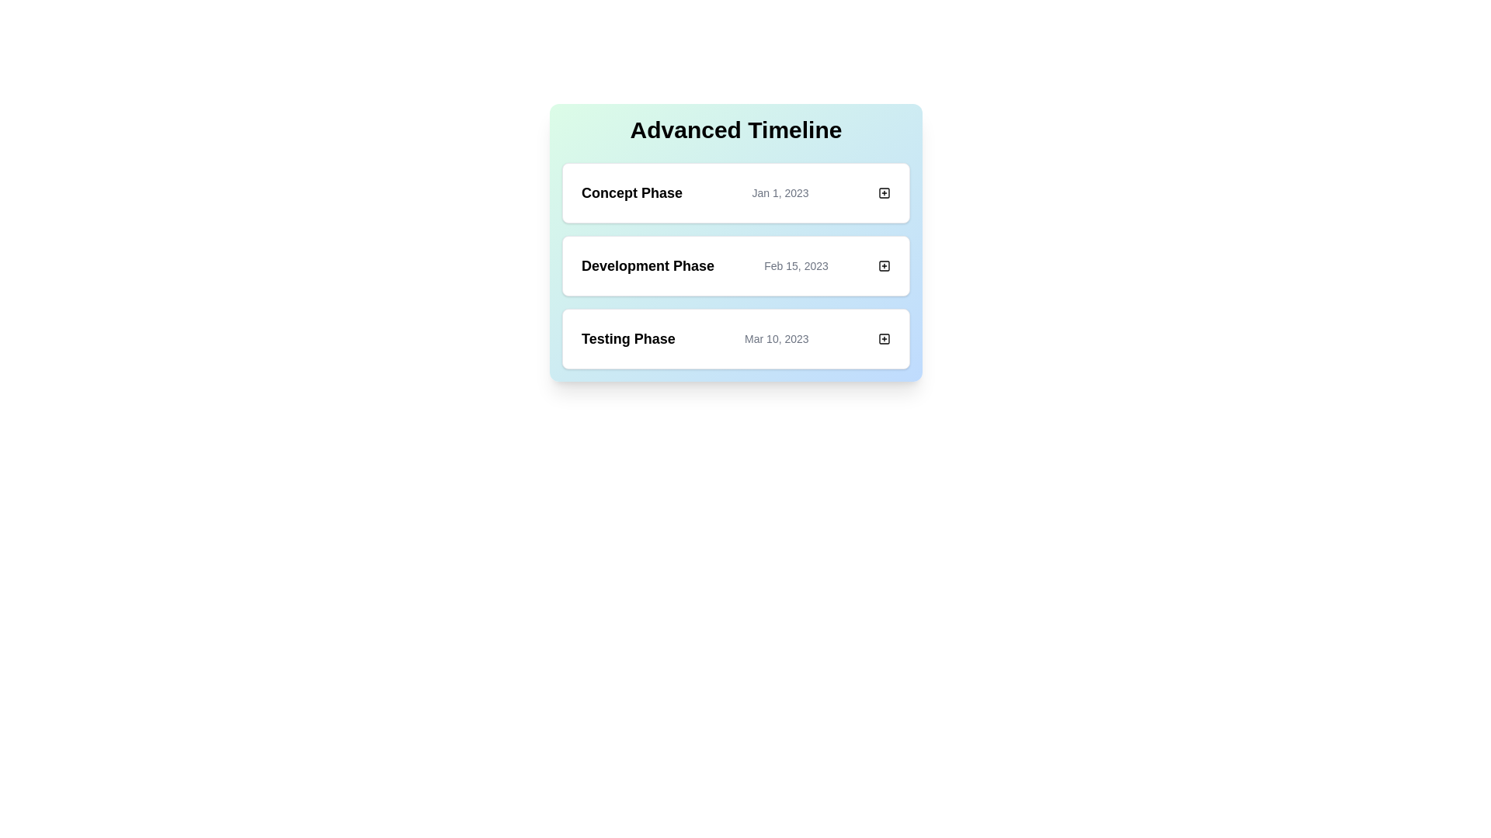 The width and height of the screenshot is (1491, 838). I want to click on information from the middle segment of the vertically-aligned timeline which includes the title 'Development Phase' and the date 'Feb 15, 2023', so click(735, 265).